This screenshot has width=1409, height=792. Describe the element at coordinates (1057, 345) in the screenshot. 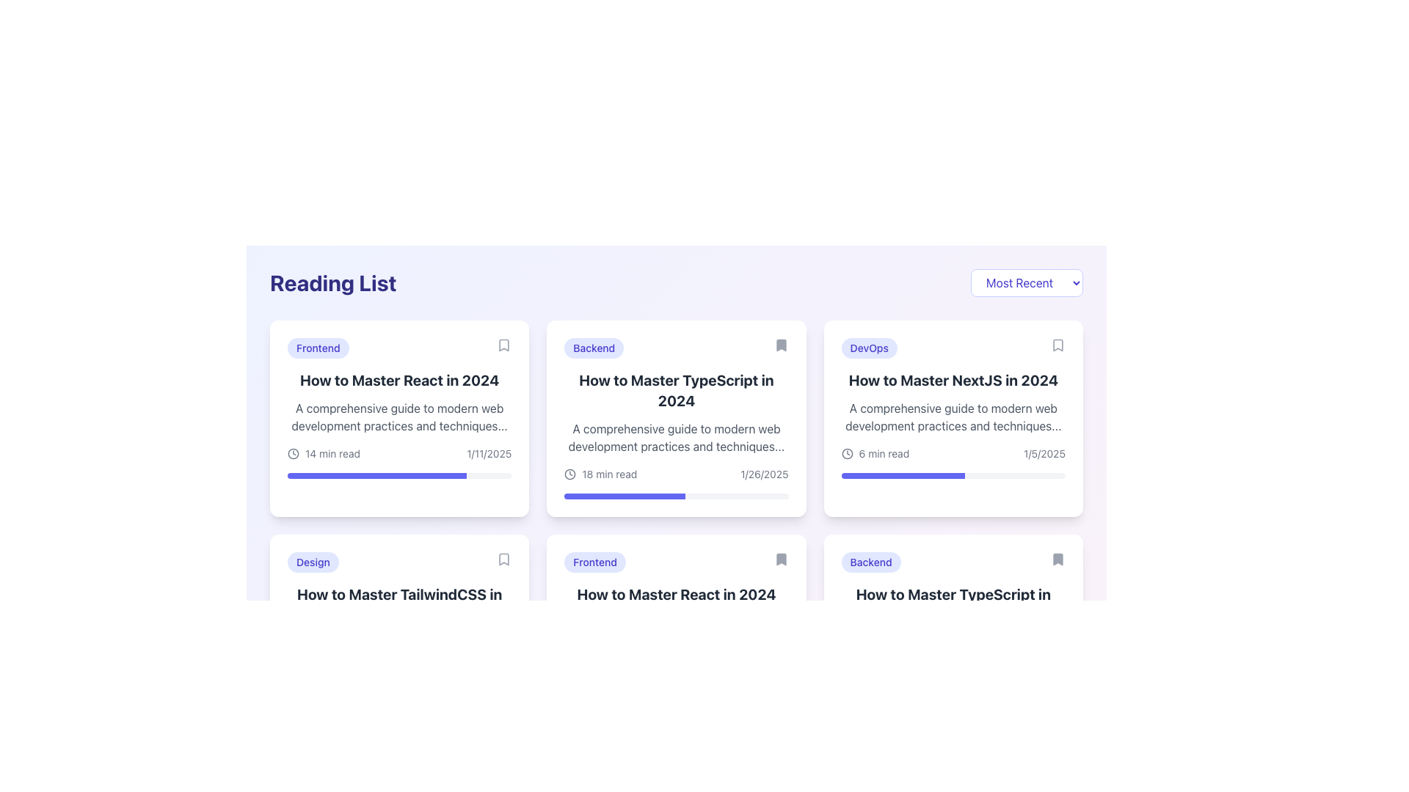

I see `the bookmark icon located in the upper-right corner of the 'How to Master NextJS in 2024' card to bookmark the associated content` at that location.